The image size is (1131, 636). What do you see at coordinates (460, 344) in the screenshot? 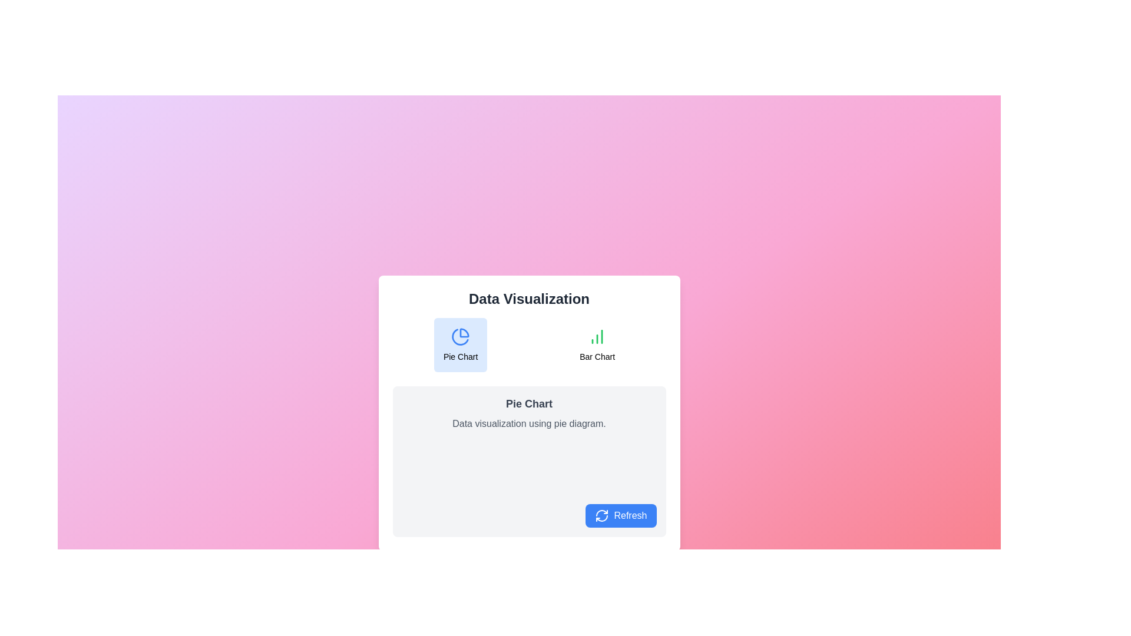
I see `the 'Pie Chart' button-like selectable element with a light blue background and a pie chart icon at the top center` at bounding box center [460, 344].